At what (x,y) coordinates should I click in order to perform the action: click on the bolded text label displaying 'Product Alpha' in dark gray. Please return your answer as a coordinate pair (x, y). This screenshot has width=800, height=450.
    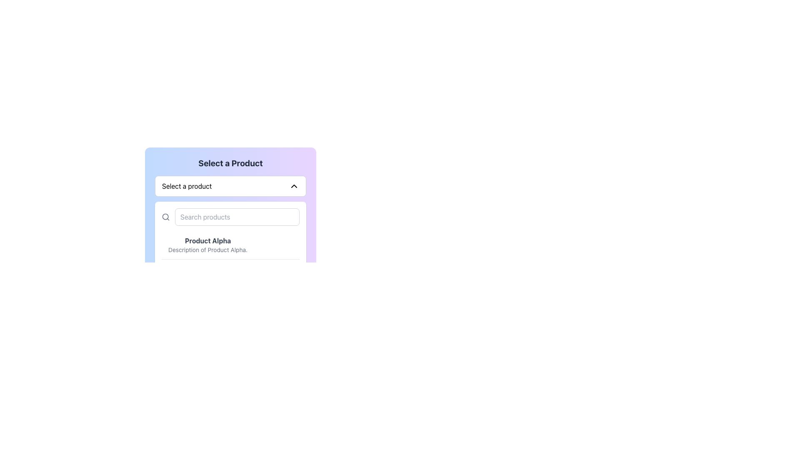
    Looking at the image, I should click on (208, 241).